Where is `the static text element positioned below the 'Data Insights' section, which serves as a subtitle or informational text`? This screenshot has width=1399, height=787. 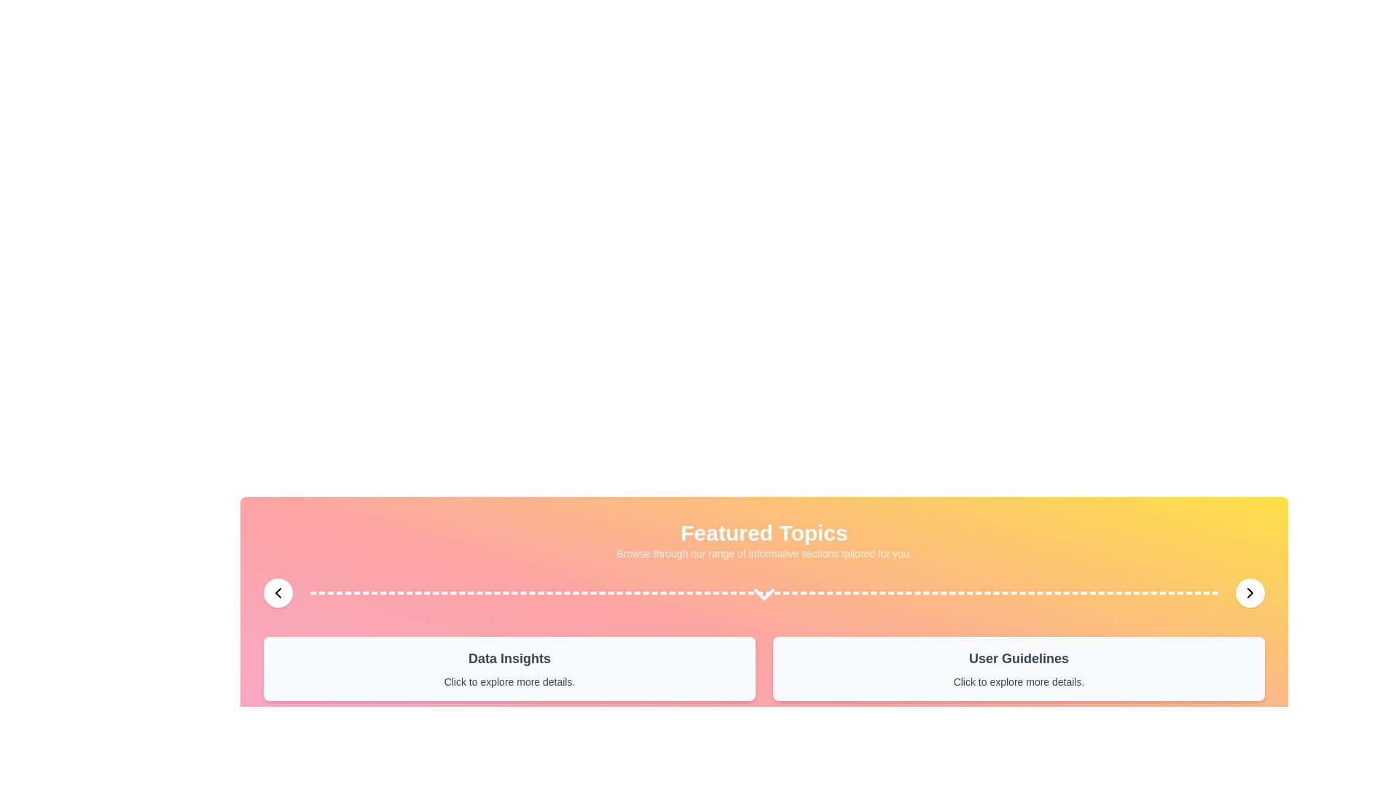 the static text element positioned below the 'Data Insights' section, which serves as a subtitle or informational text is located at coordinates (509, 682).